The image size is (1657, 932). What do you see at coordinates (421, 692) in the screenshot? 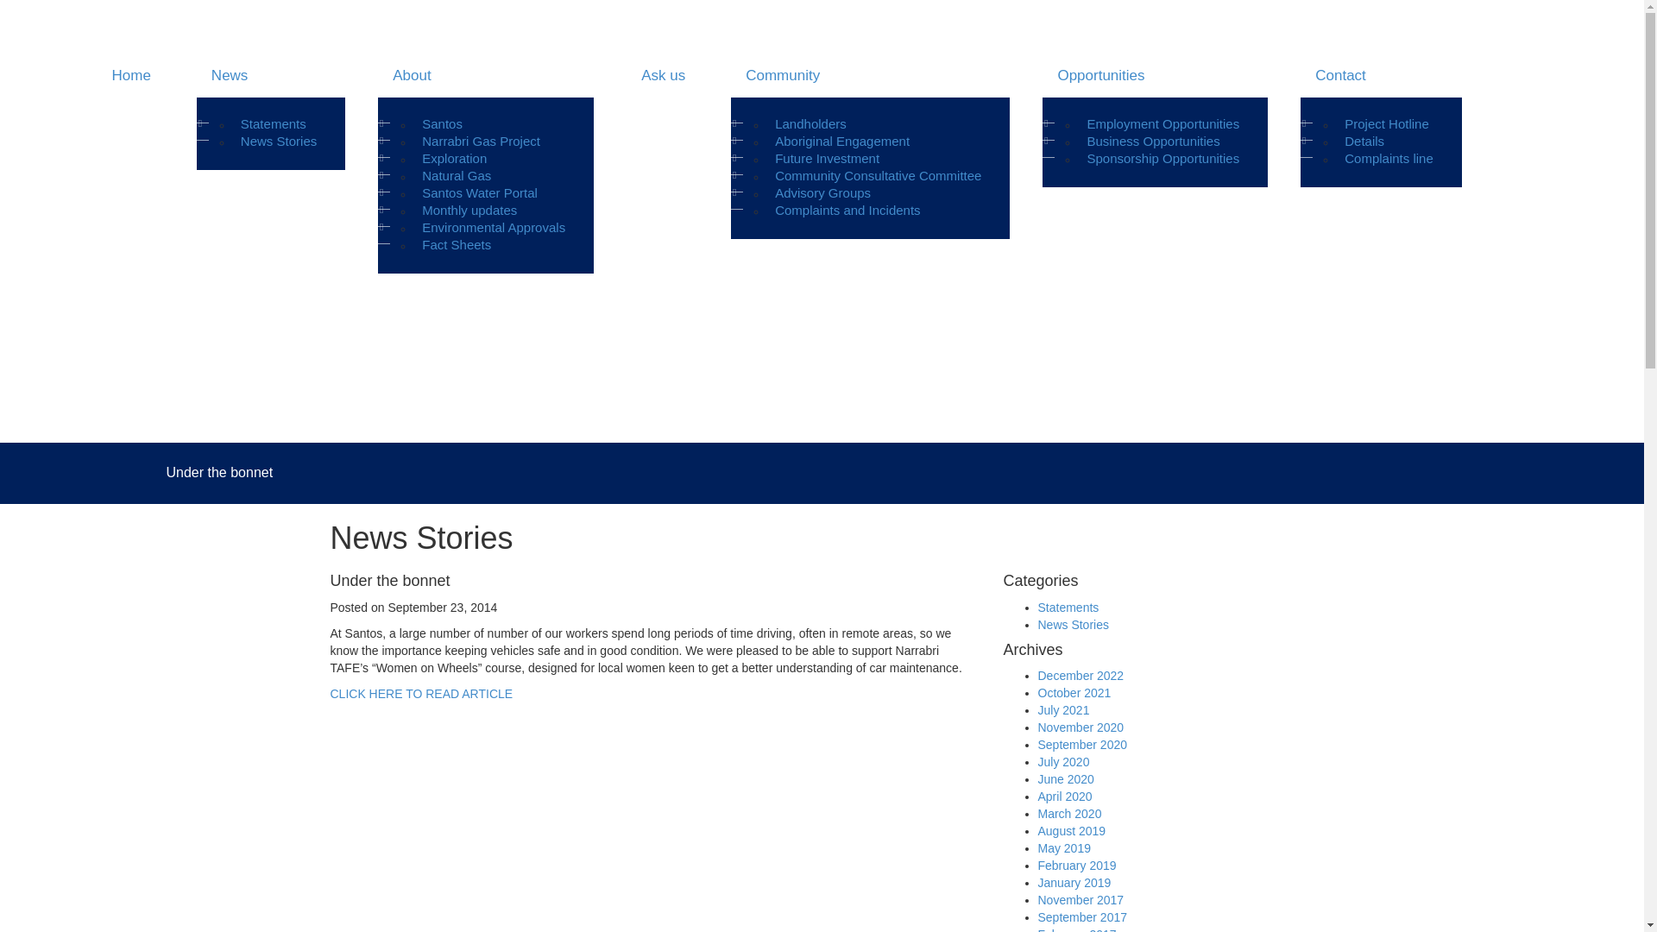
I see `'CLICK HERE TO READ ARTICLE'` at bounding box center [421, 692].